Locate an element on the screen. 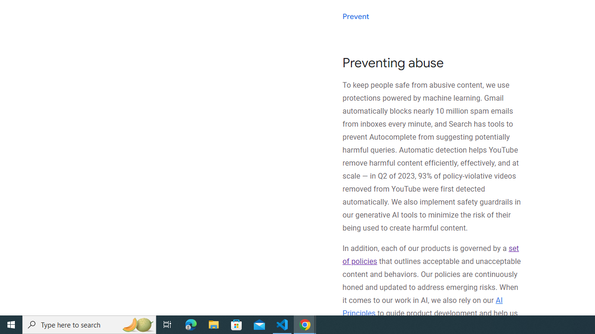 The image size is (595, 334). 'set of policies' is located at coordinates (430, 255).